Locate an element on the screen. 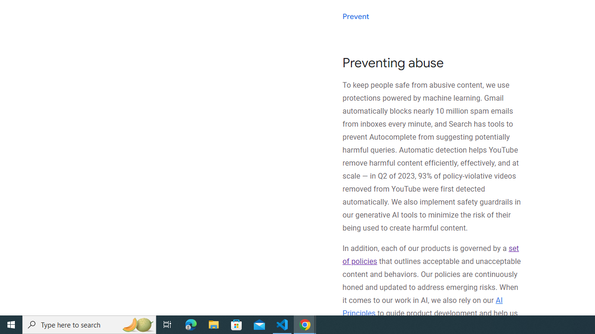 The image size is (595, 334). 'set of policies' is located at coordinates (430, 255).